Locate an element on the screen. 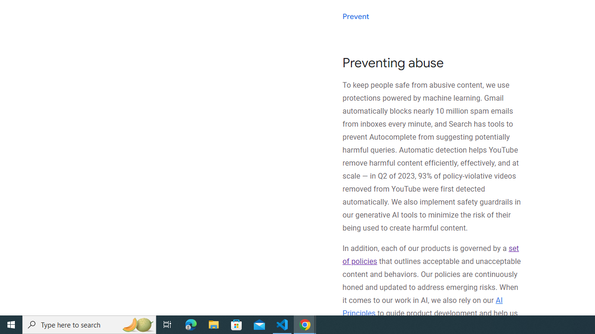 The image size is (595, 334). 'set of policies' is located at coordinates (430, 255).